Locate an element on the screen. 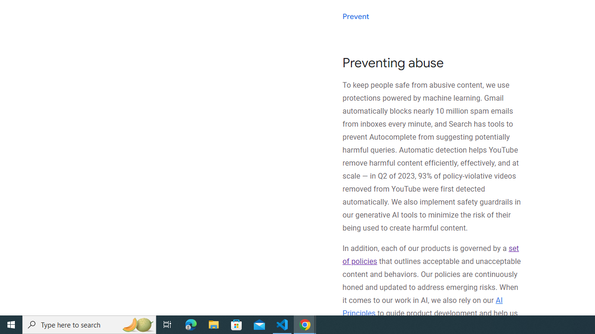 The image size is (595, 334). 'set of policies' is located at coordinates (430, 255).